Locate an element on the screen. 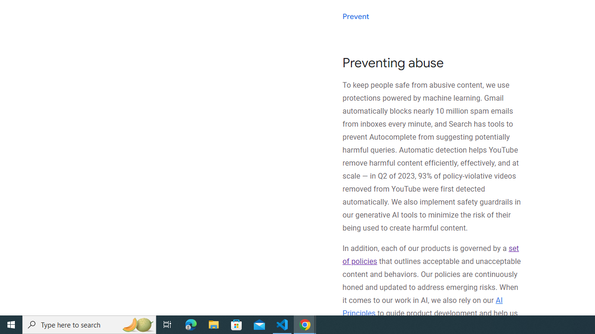 The image size is (595, 334). 'set of policies' is located at coordinates (430, 255).